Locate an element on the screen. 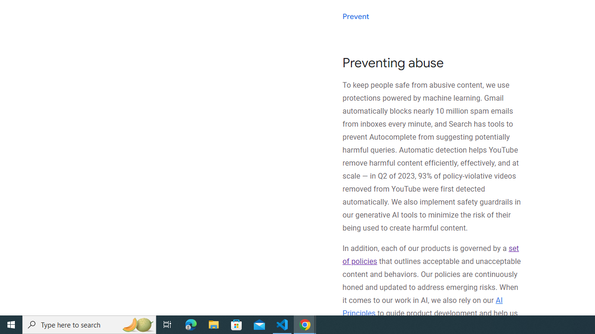 The image size is (595, 334). 'set of policies' is located at coordinates (430, 255).